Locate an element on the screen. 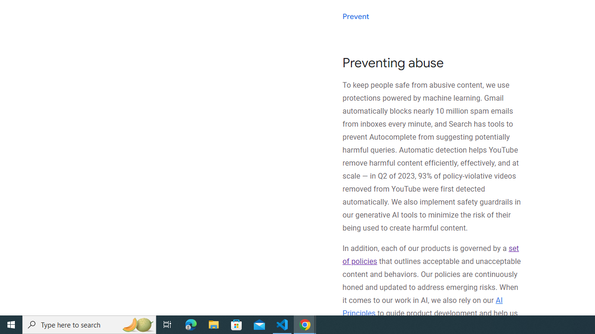 The image size is (595, 334). 'set of policies' is located at coordinates (430, 255).